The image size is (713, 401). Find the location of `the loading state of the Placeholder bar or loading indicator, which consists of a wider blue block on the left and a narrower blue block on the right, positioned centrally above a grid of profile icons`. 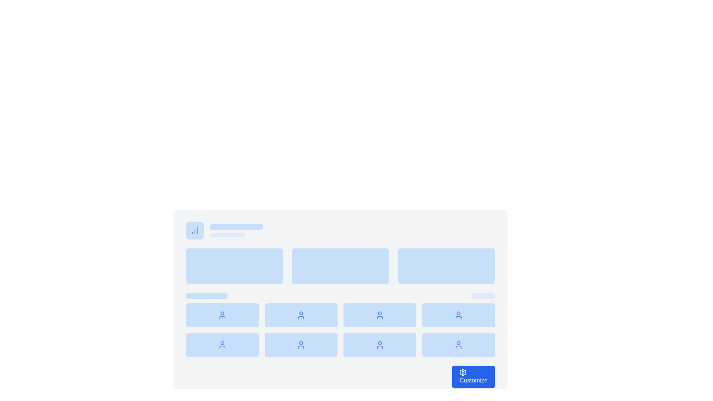

the loading state of the Placeholder bar or loading indicator, which consists of a wider blue block on the left and a narrower blue block on the right, positioned centrally above a grid of profile icons is located at coordinates (340, 296).